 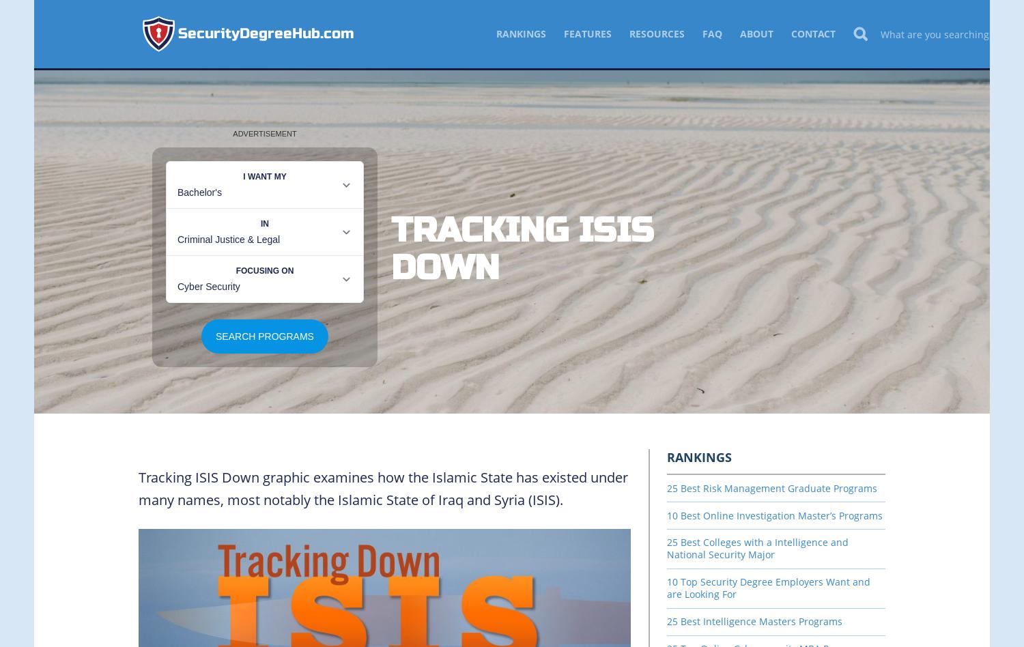 I want to click on 'About', so click(x=756, y=33).